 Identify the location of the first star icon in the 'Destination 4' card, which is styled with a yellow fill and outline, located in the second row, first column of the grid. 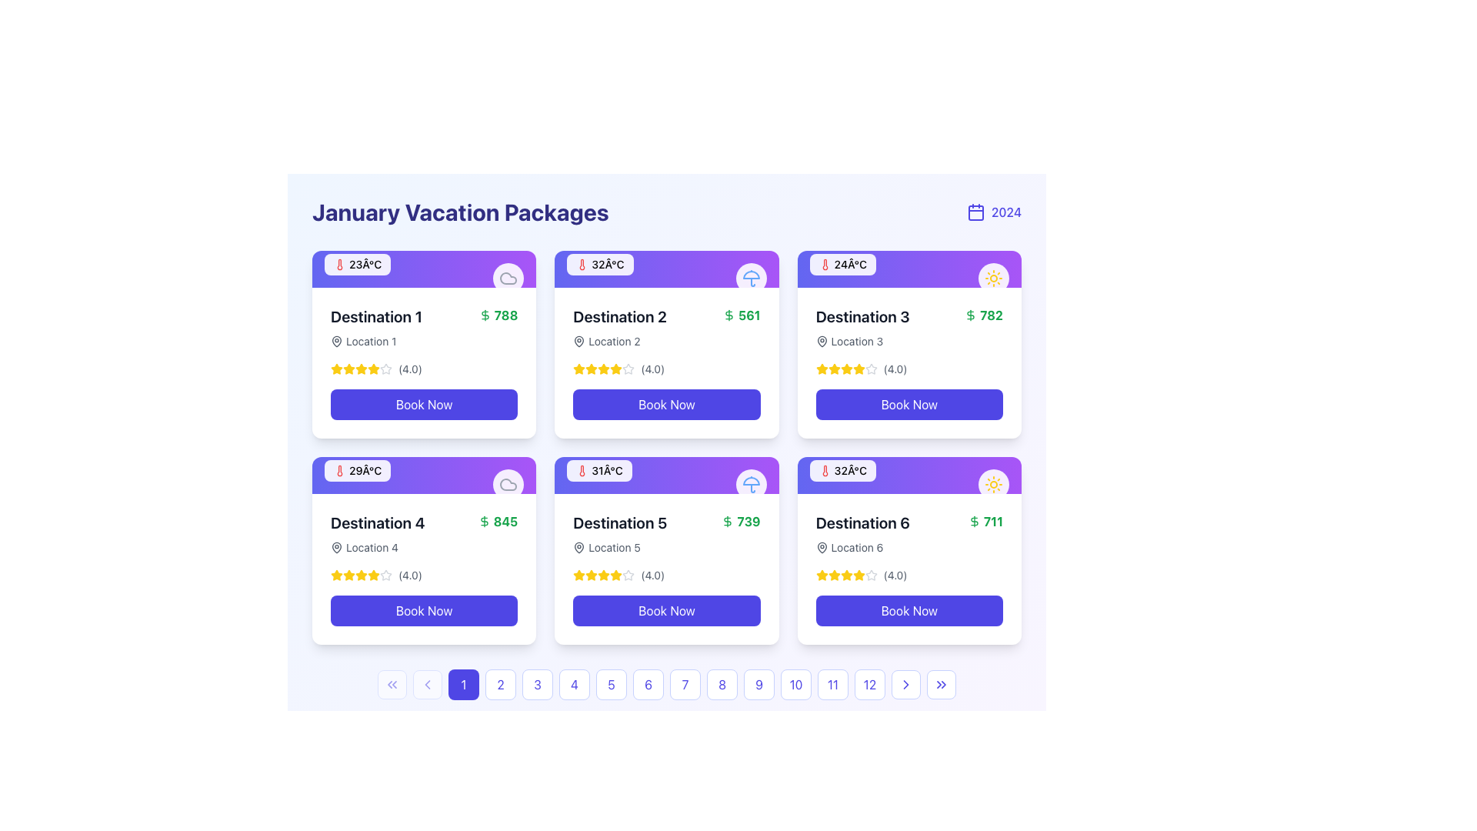
(335, 576).